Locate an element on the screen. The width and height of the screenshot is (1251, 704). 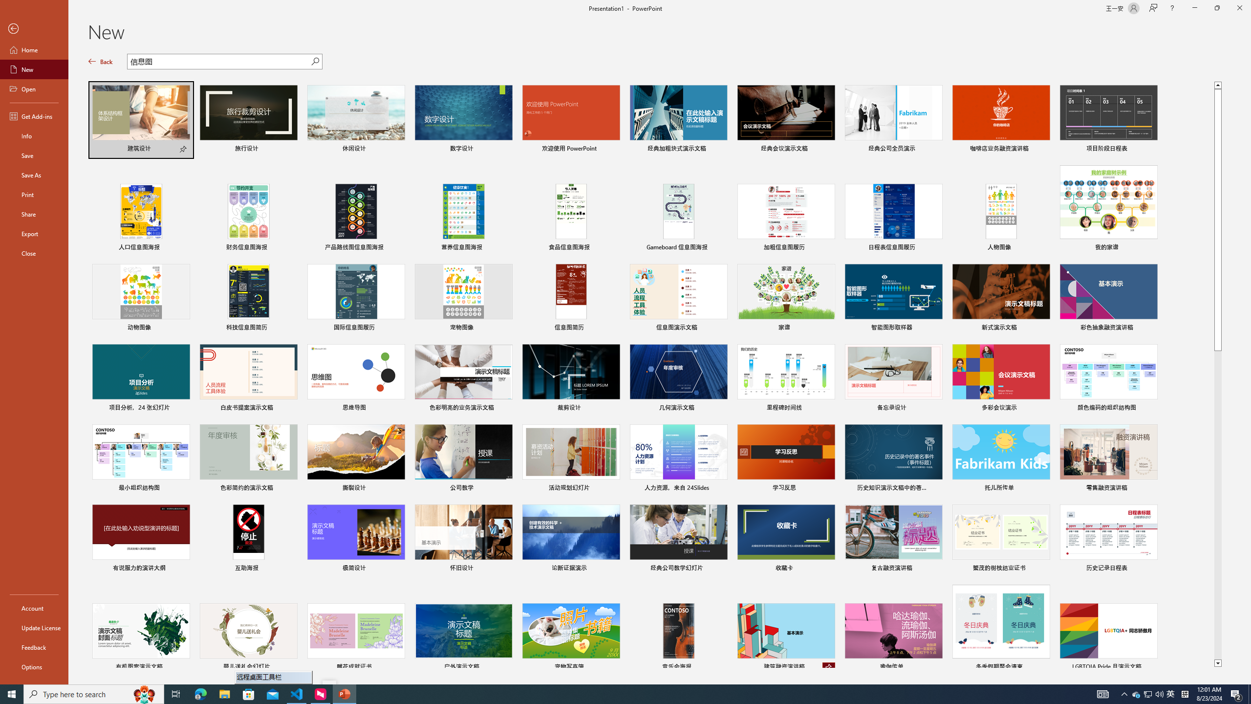
'Unpin from list' is located at coordinates (828, 667).